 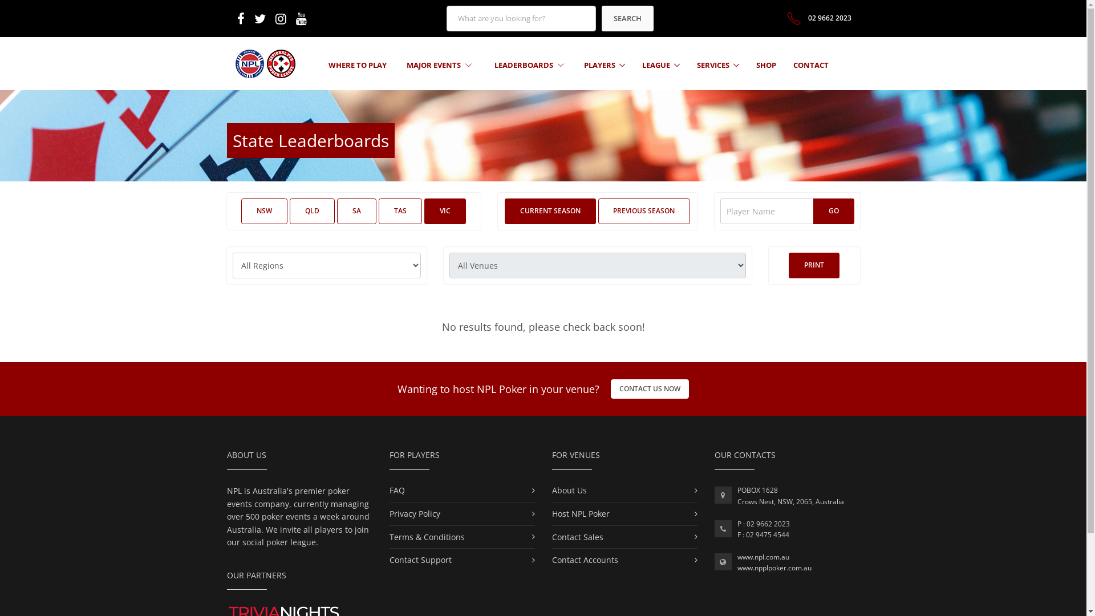 I want to click on 'www.npl.com.au', so click(x=763, y=556).